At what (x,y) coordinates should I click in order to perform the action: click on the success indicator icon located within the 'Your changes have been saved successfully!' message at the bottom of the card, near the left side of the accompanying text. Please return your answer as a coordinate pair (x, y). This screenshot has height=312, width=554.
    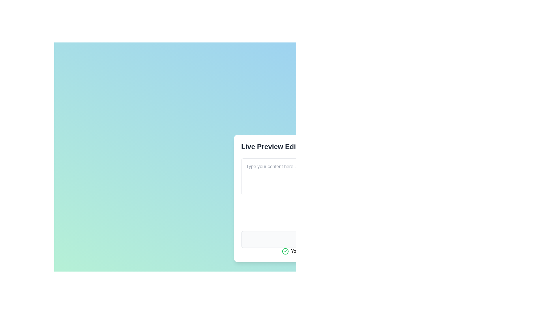
    Looking at the image, I should click on (285, 251).